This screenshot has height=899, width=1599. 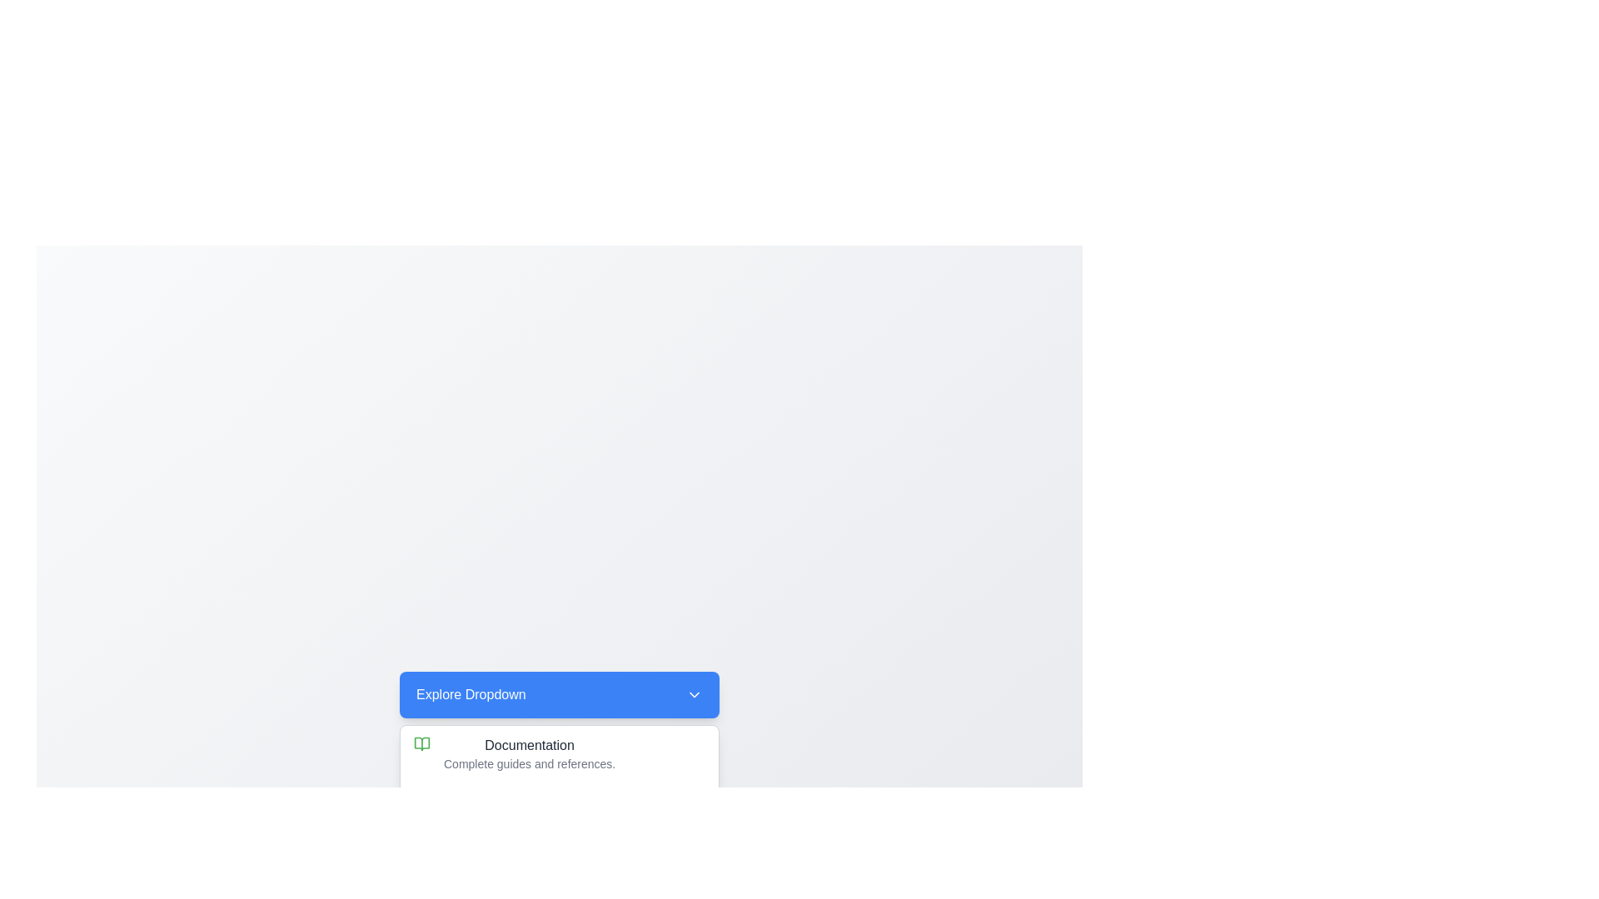 What do you see at coordinates (529, 764) in the screenshot?
I see `the text label that serves as a descriptive subtitle for the 'Documentation' section, located directly below the 'Documentation' heading` at bounding box center [529, 764].